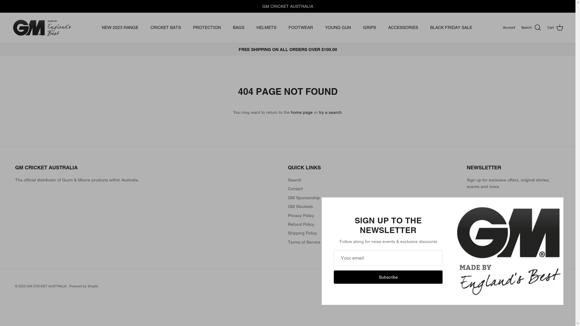  What do you see at coordinates (403, 27) in the screenshot?
I see `'ACCESSORIES'` at bounding box center [403, 27].